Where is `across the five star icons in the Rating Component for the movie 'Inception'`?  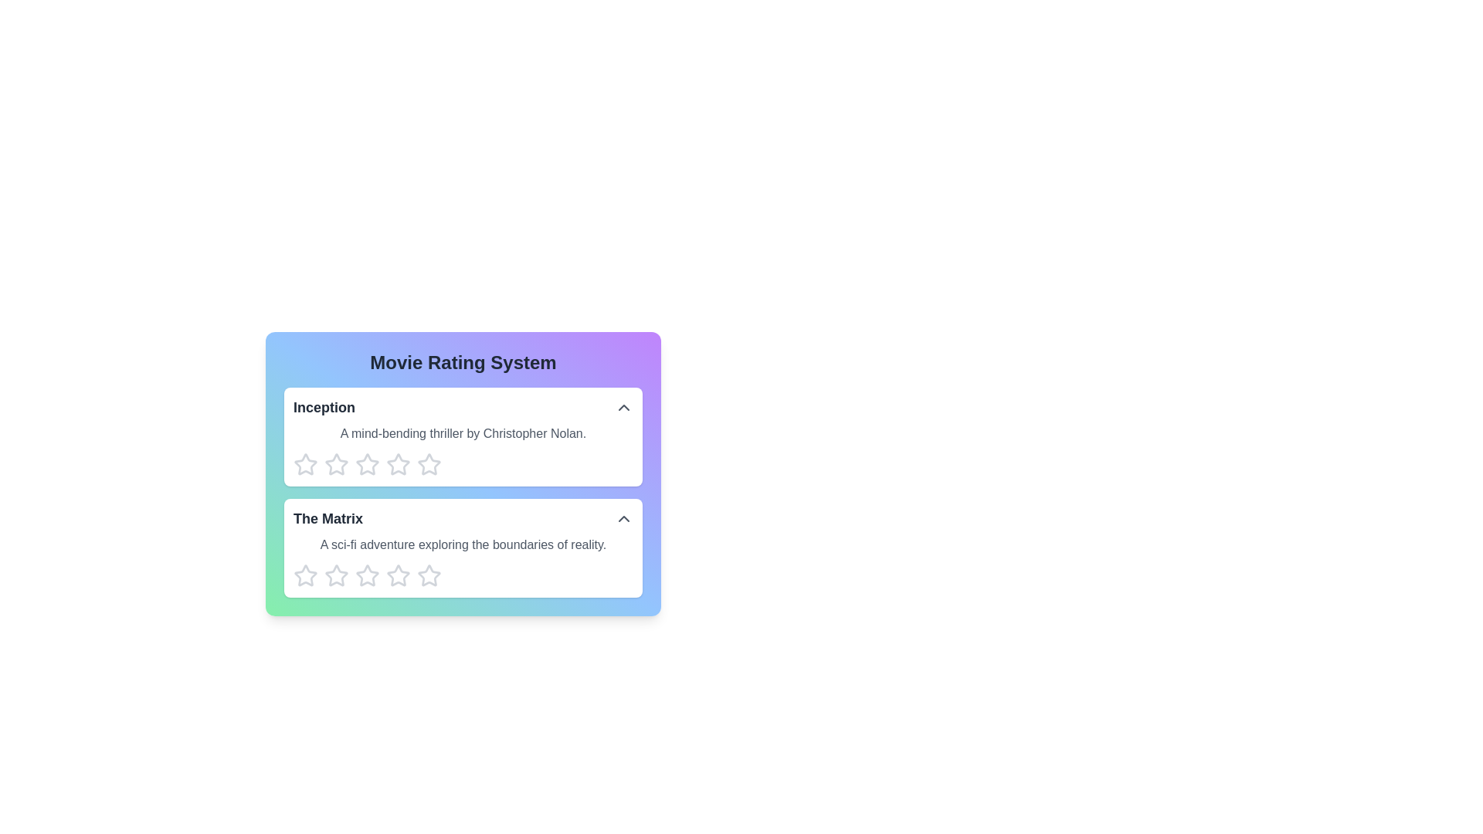
across the five star icons in the Rating Component for the movie 'Inception' is located at coordinates (463, 463).